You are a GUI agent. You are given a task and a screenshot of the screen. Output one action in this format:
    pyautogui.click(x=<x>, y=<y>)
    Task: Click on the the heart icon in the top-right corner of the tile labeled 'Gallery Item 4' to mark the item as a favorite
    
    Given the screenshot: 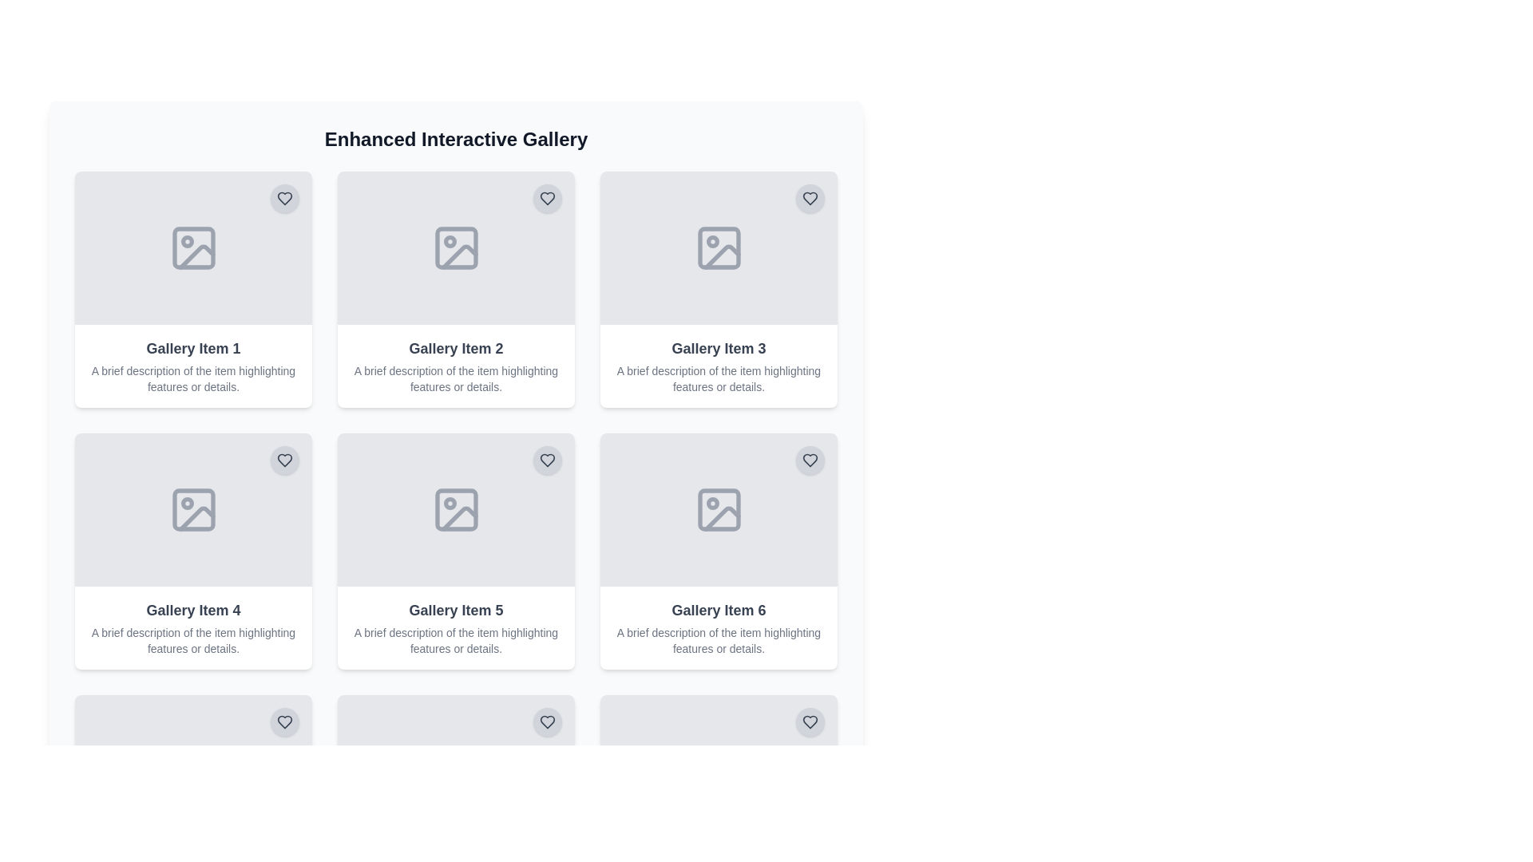 What is the action you would take?
    pyautogui.click(x=284, y=461)
    